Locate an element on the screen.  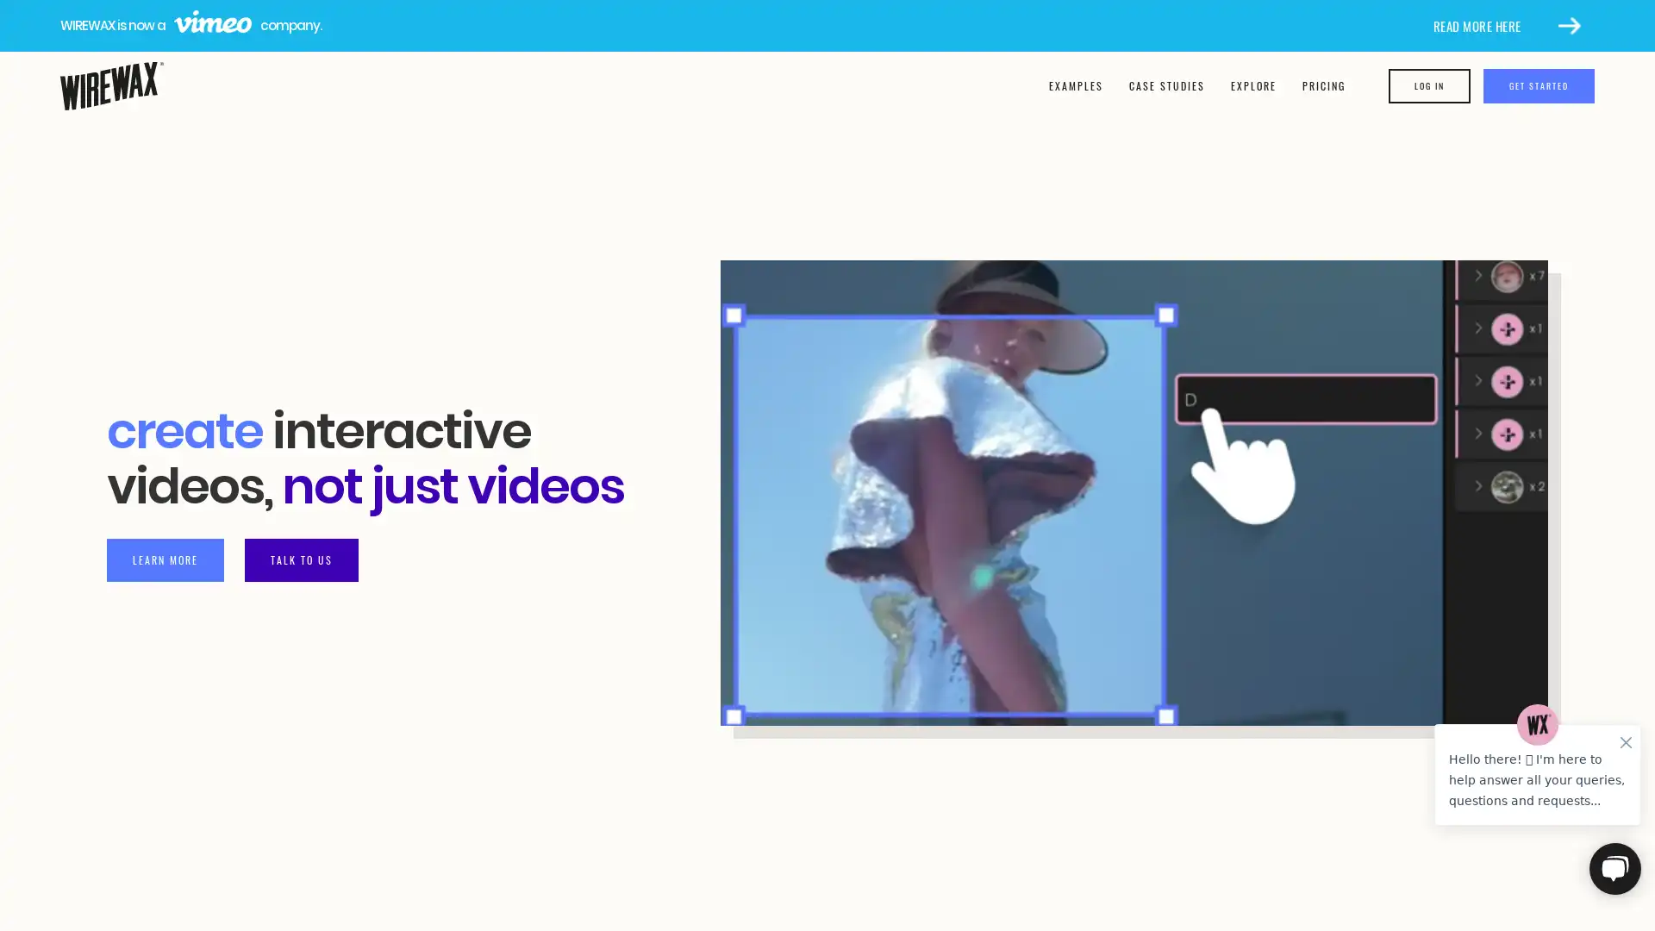
LOG IN is located at coordinates (1429, 86).